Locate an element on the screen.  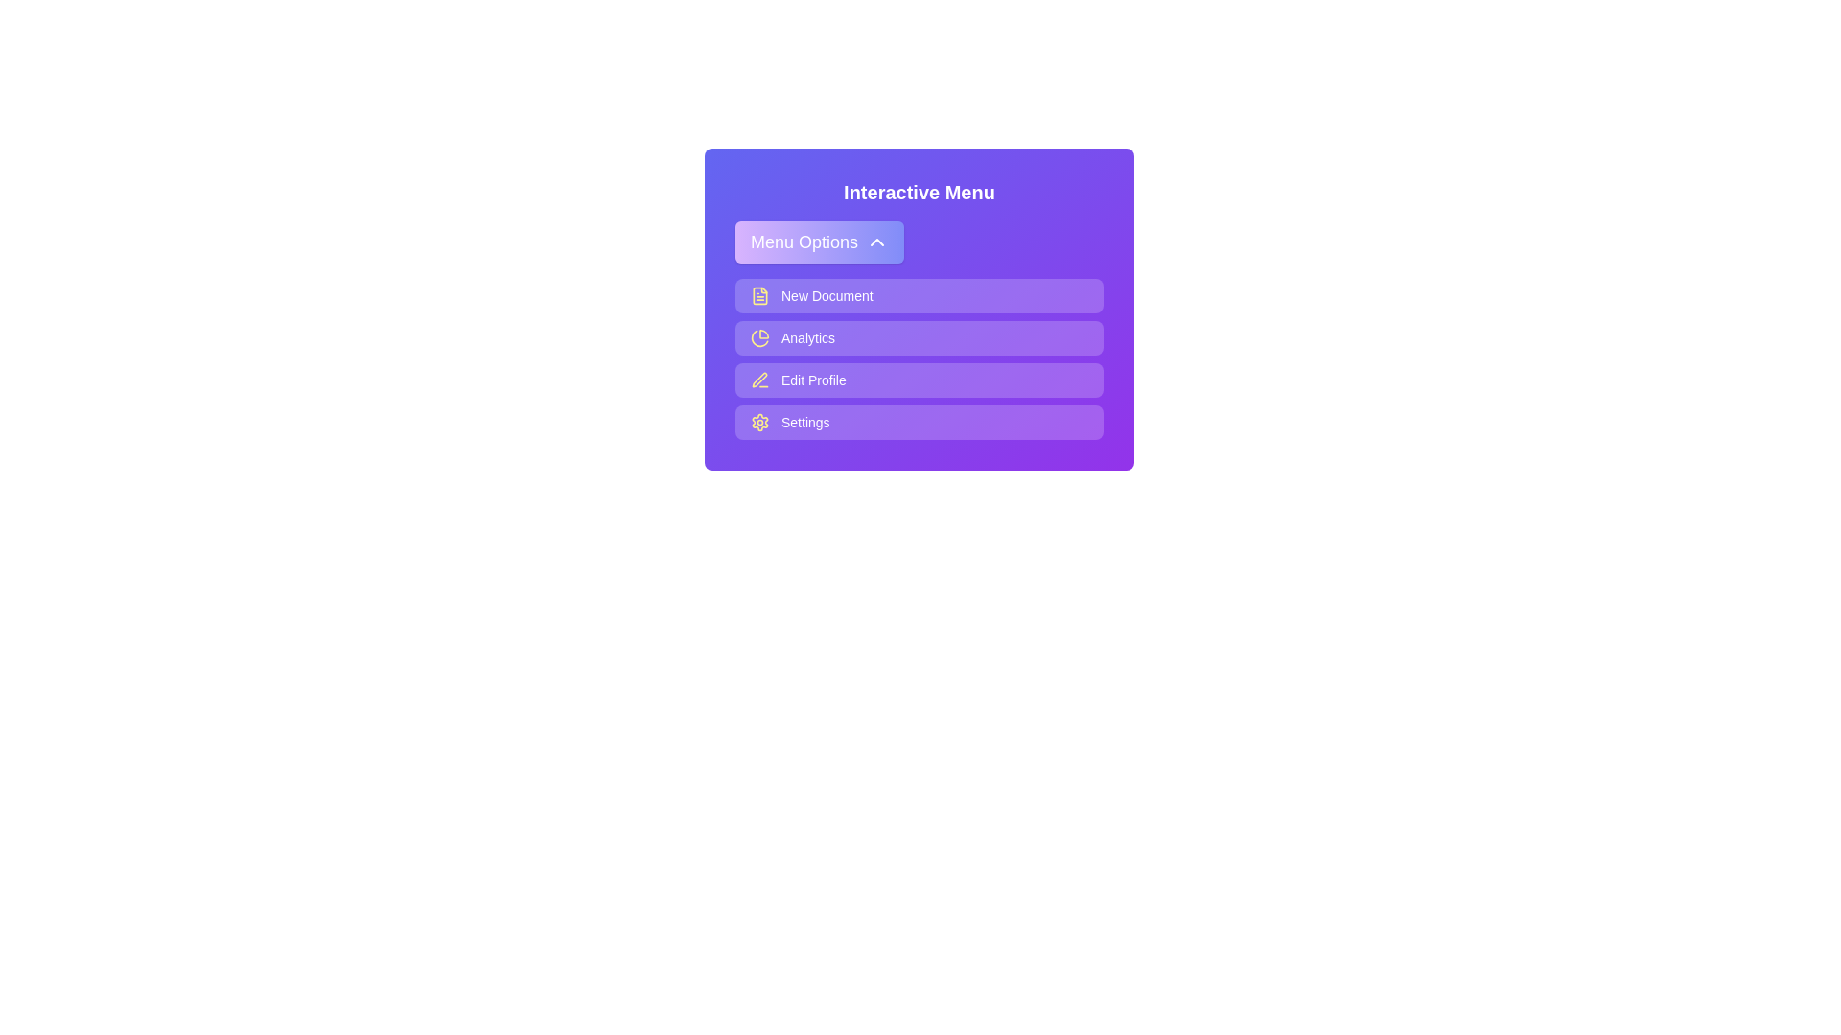
the 'Settings' icon, which is located at the far left of the 'Settings' button in the menu options, to receive visual feedback is located at coordinates (758, 421).